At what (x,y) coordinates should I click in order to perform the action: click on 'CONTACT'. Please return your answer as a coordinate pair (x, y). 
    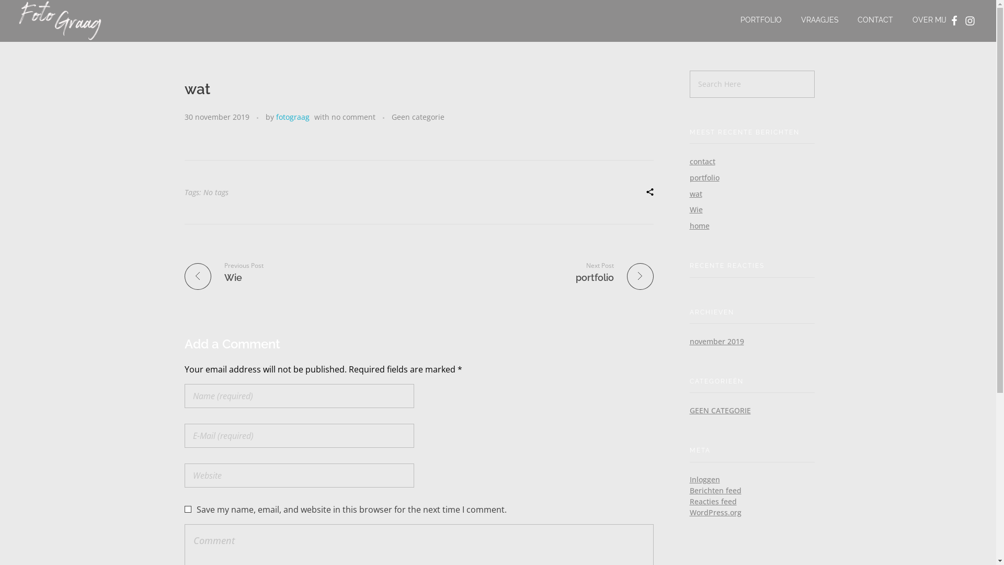
    Looking at the image, I should click on (875, 20).